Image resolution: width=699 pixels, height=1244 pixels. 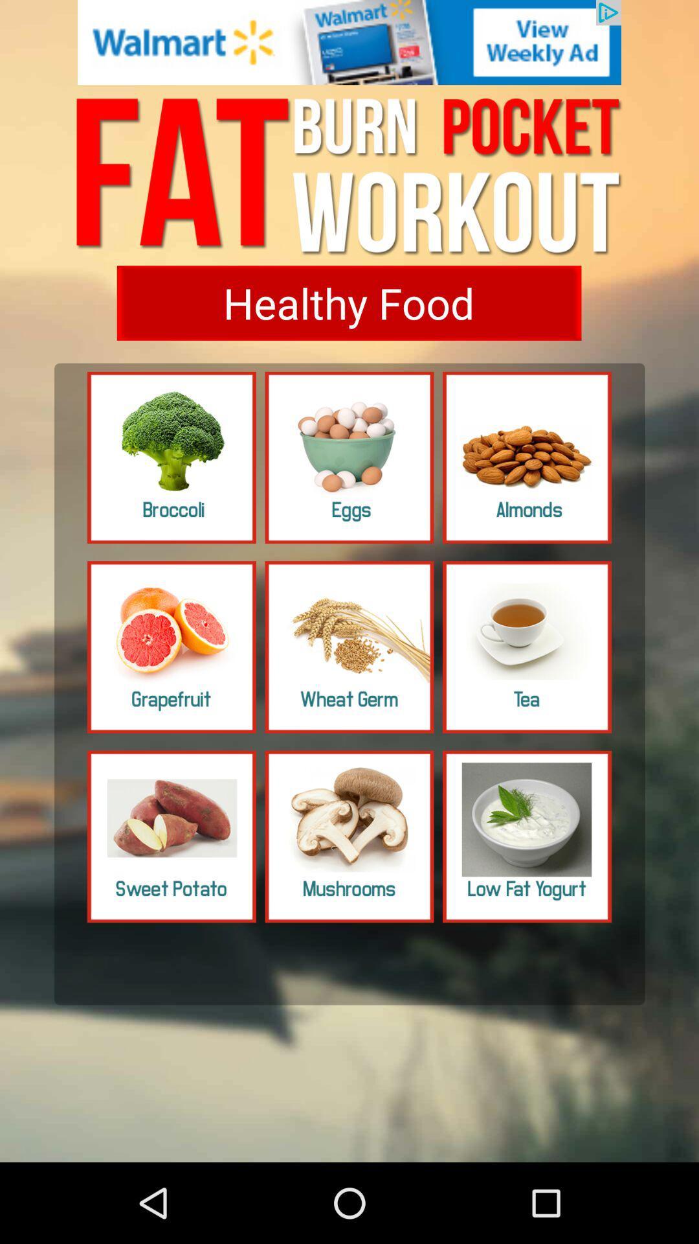 What do you see at coordinates (349, 647) in the screenshot?
I see `click the image` at bounding box center [349, 647].